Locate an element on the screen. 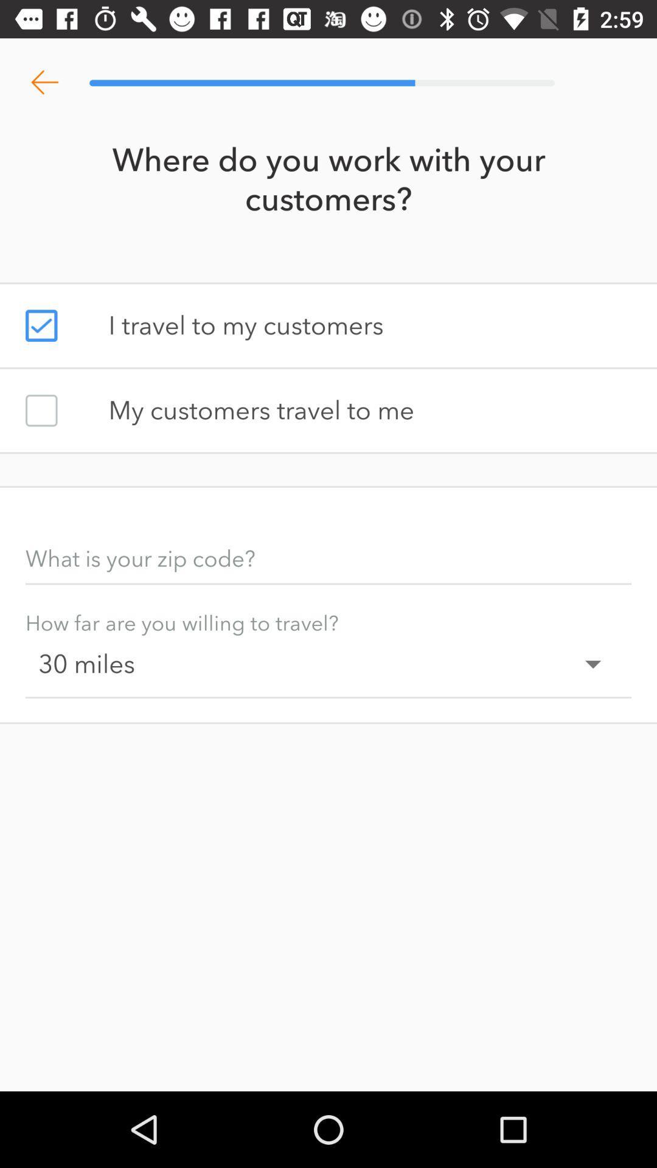 The height and width of the screenshot is (1168, 657). go back is located at coordinates (44, 82).